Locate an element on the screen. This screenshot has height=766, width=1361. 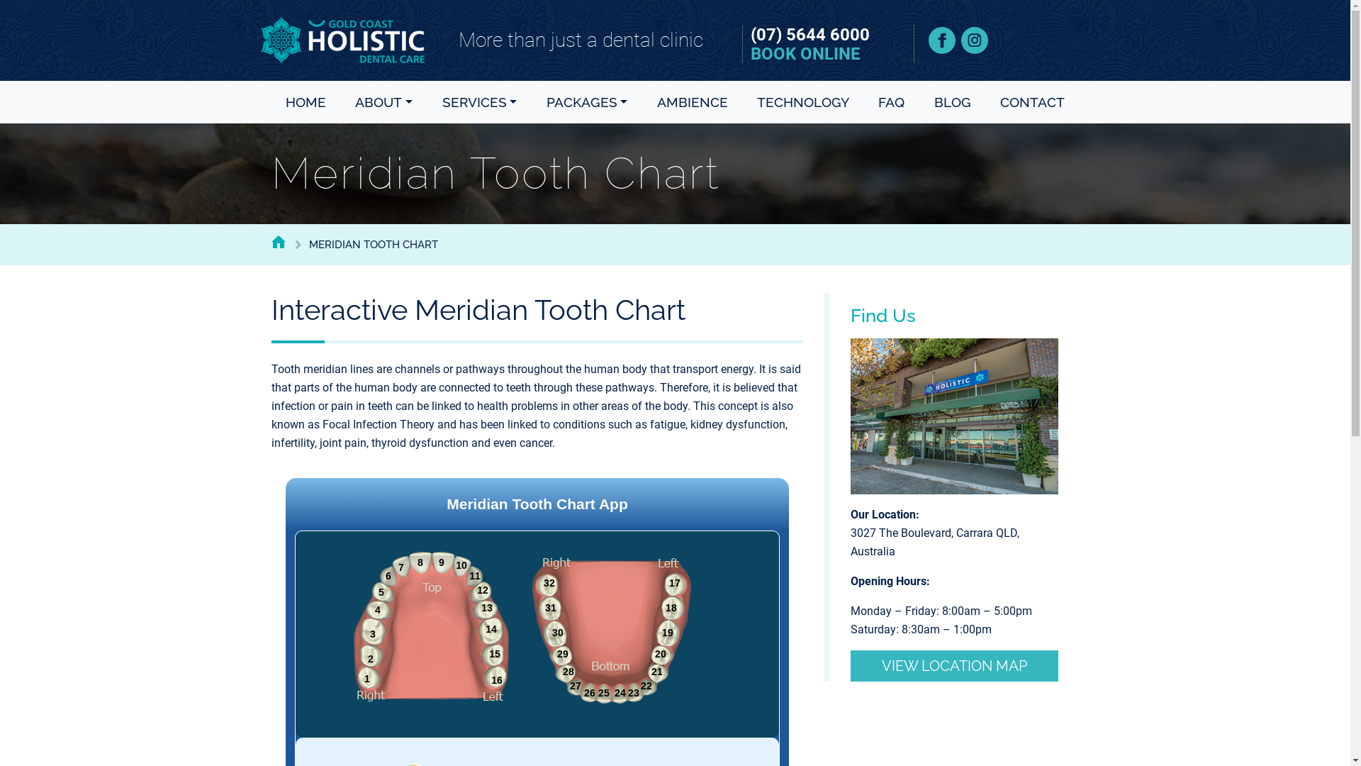
'FAQ' is located at coordinates (871, 101).